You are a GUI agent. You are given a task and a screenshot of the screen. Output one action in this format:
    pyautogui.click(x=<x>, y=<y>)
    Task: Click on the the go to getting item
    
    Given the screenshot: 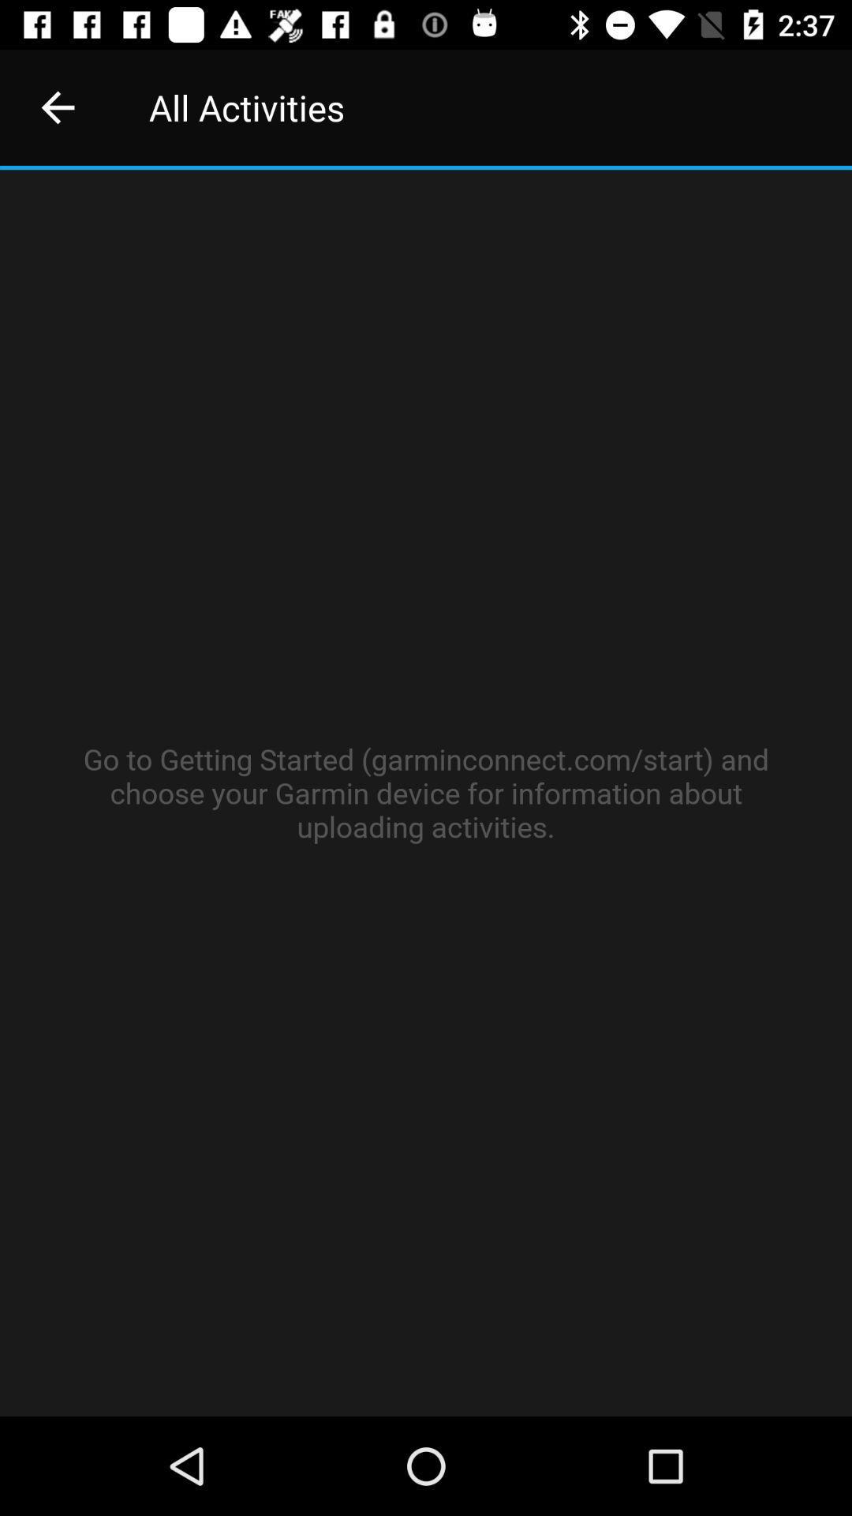 What is the action you would take?
    pyautogui.click(x=426, y=793)
    